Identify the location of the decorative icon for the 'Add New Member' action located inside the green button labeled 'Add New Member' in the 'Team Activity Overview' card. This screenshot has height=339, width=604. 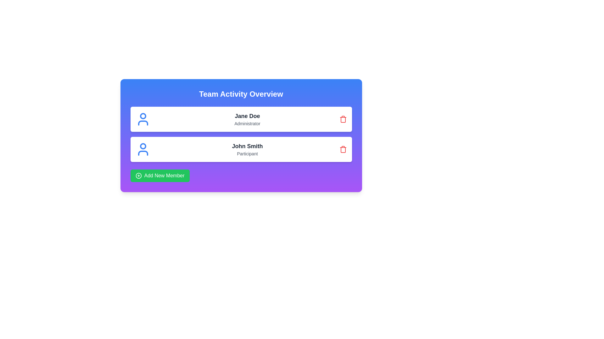
(138, 175).